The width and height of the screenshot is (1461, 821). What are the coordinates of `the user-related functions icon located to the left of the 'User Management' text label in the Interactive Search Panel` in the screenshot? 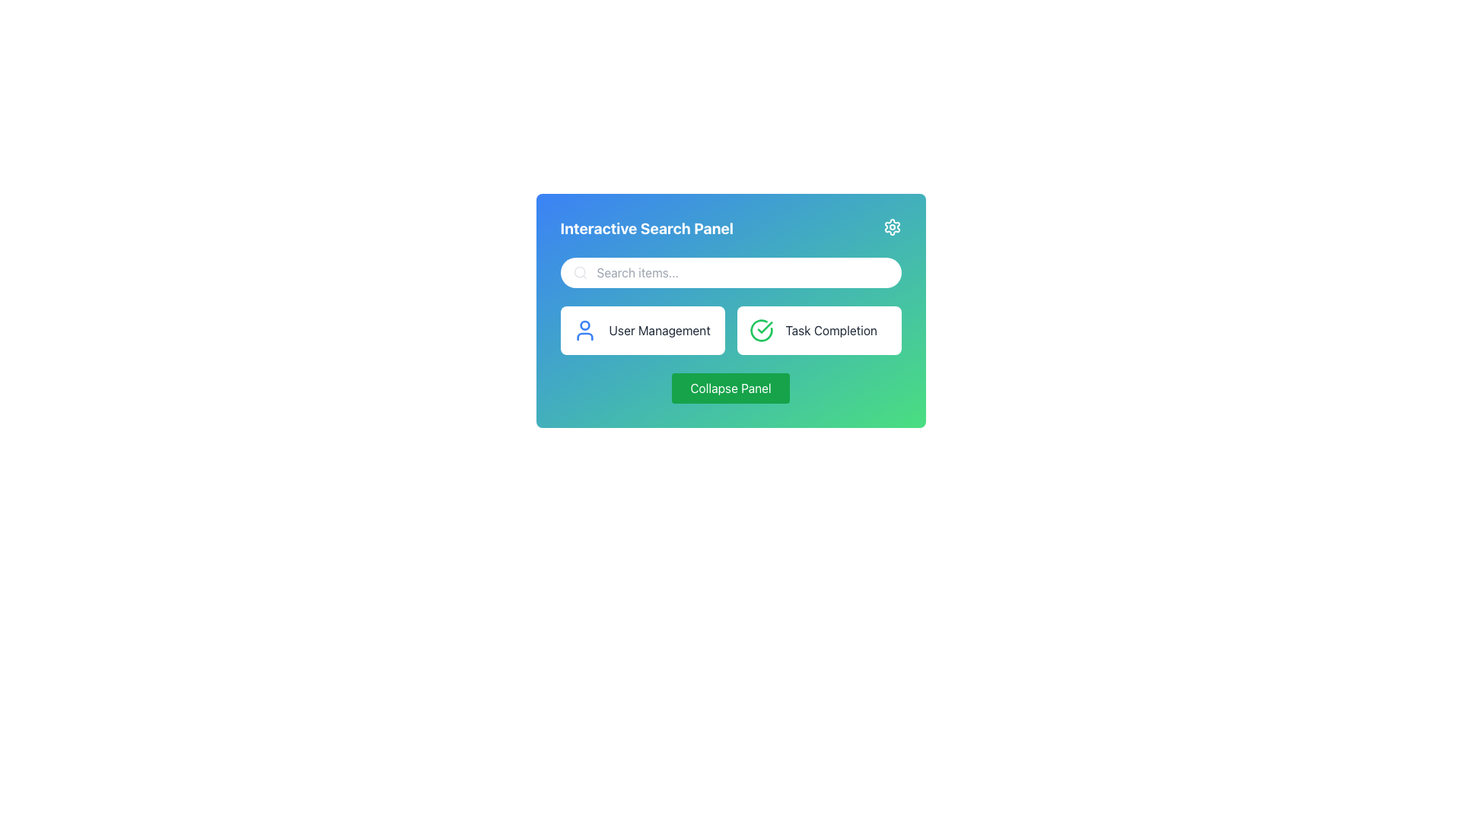 It's located at (584, 330).